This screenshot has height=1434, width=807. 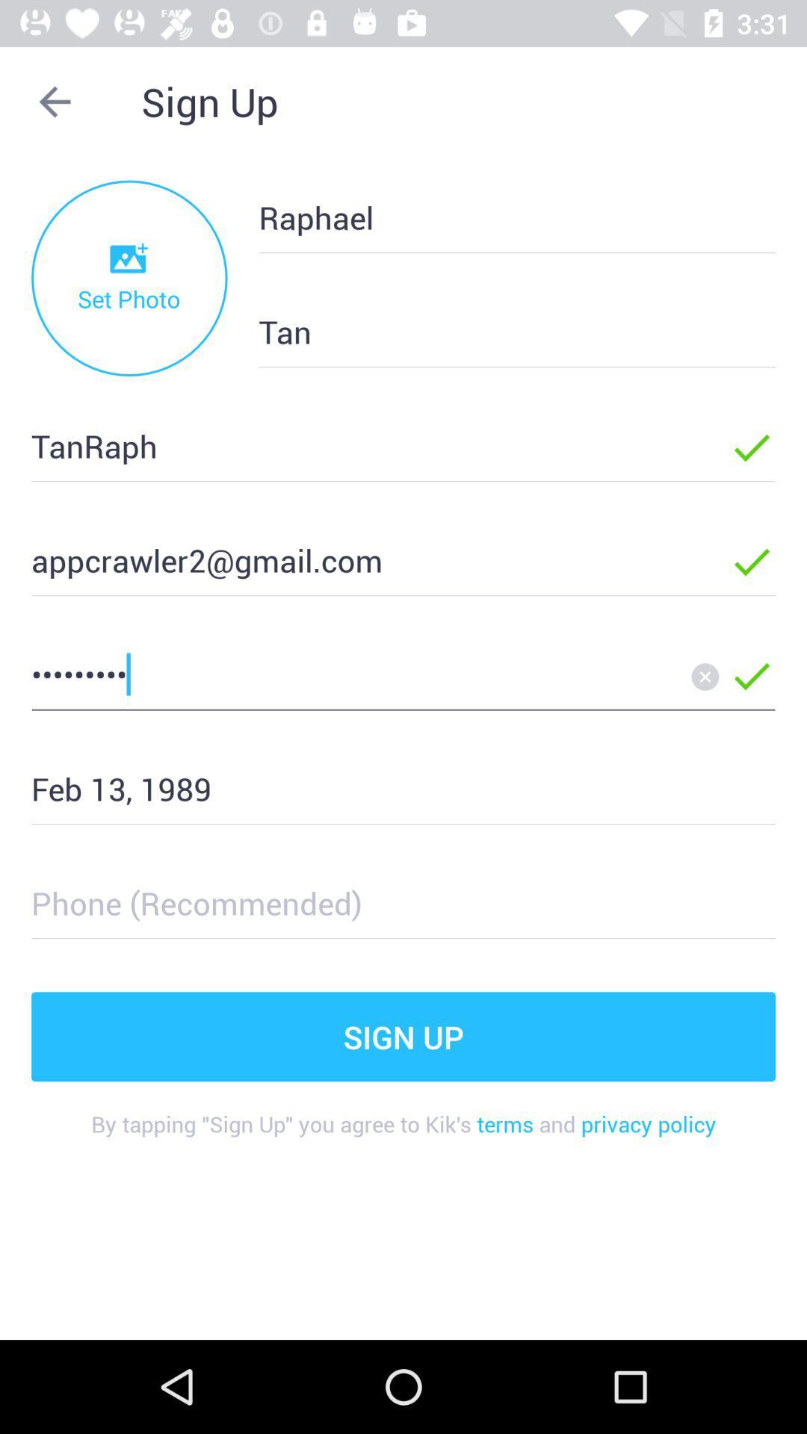 I want to click on the item below sign up icon, so click(x=493, y=217).